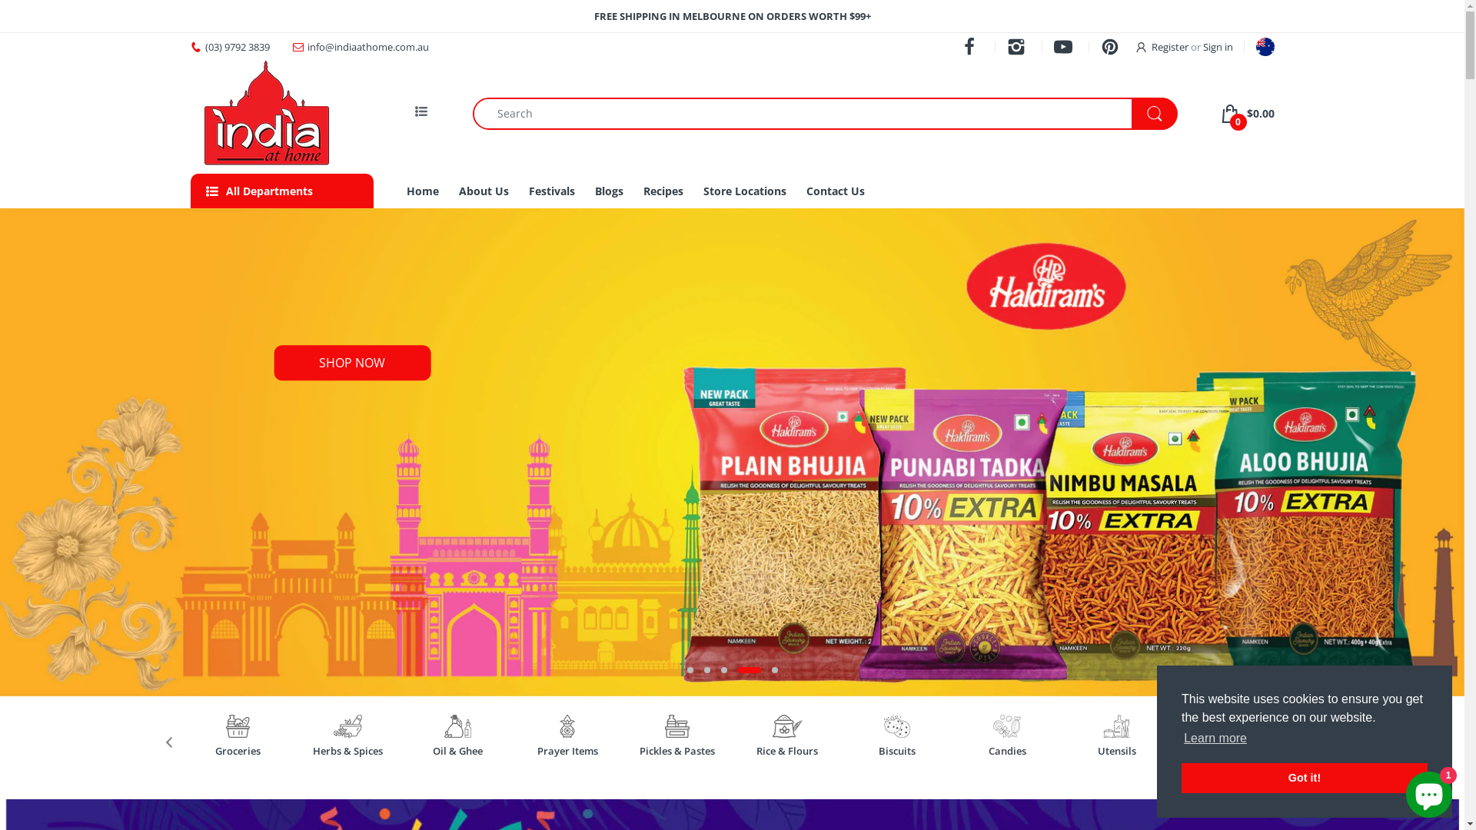 This screenshot has width=1476, height=830. What do you see at coordinates (967, 750) in the screenshot?
I see `'Candies'` at bounding box center [967, 750].